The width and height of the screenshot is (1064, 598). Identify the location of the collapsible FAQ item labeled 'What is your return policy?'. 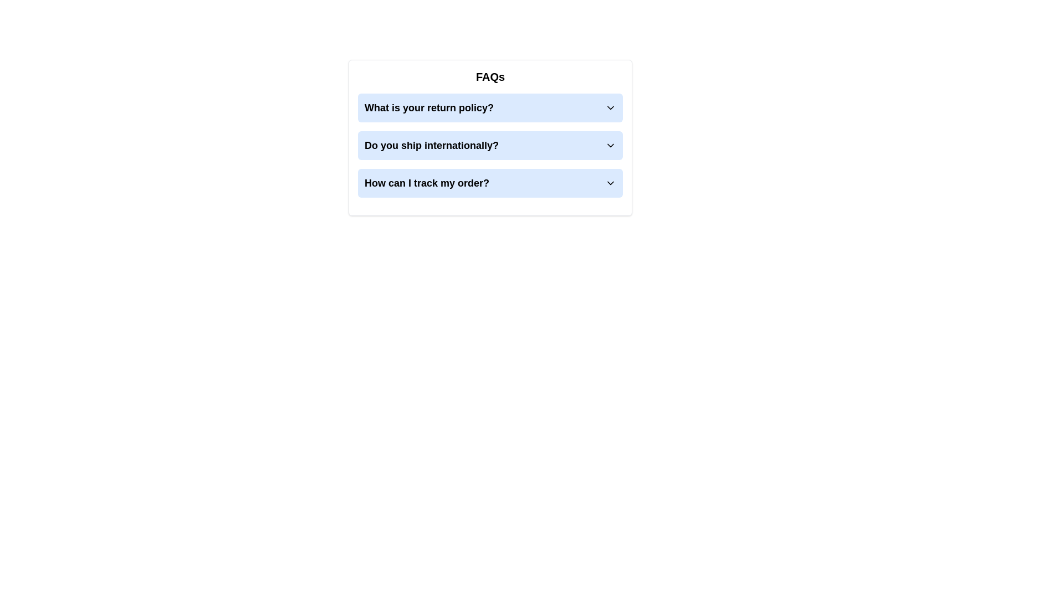
(489, 108).